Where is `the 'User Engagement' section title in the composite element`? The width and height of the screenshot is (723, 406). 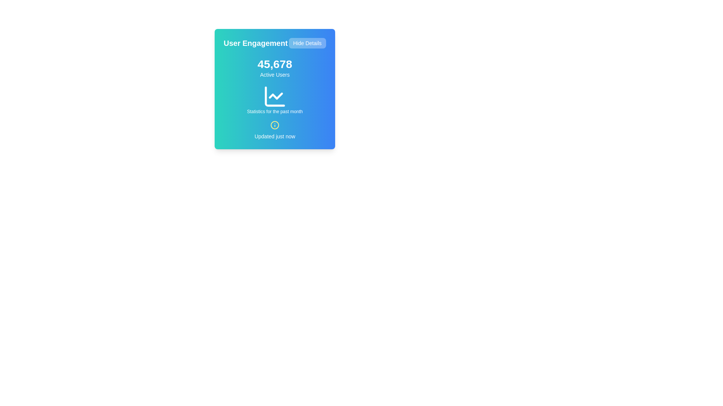 the 'User Engagement' section title in the composite element is located at coordinates (274, 43).